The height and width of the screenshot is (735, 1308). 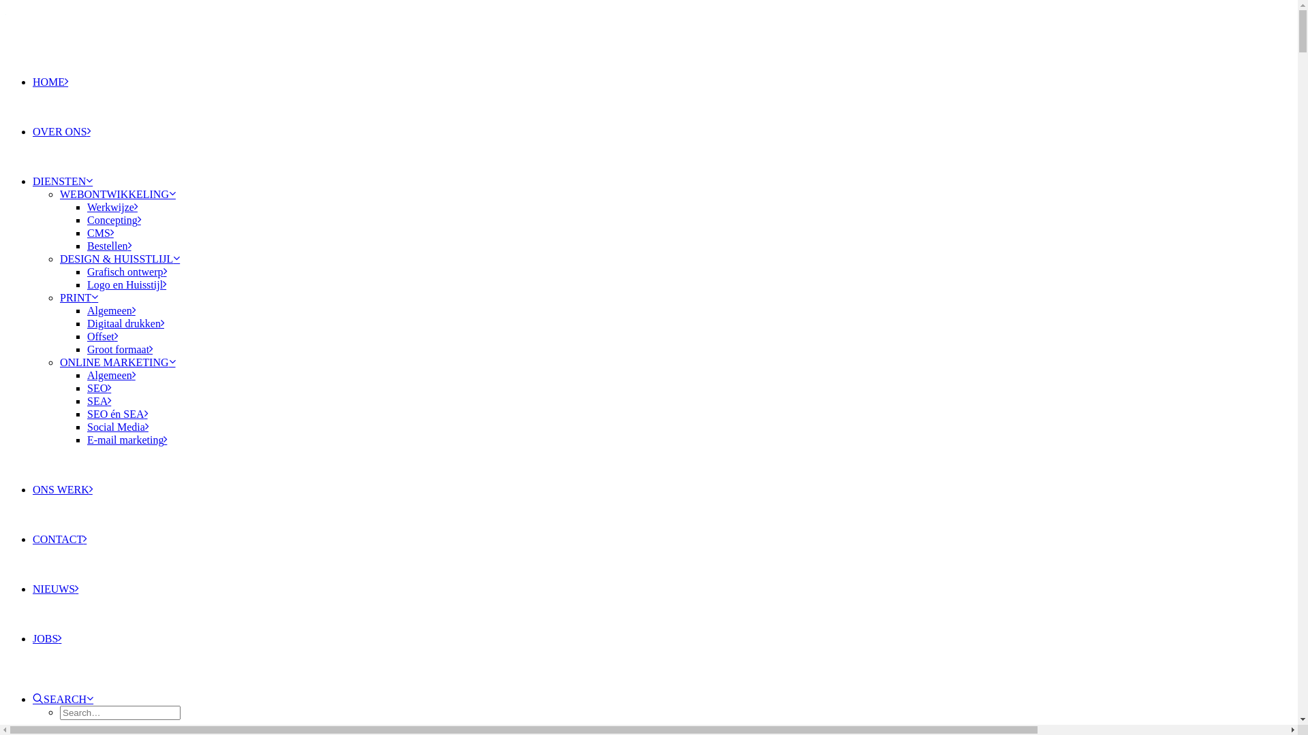 What do you see at coordinates (87, 323) in the screenshot?
I see `'Digitaal drukken'` at bounding box center [87, 323].